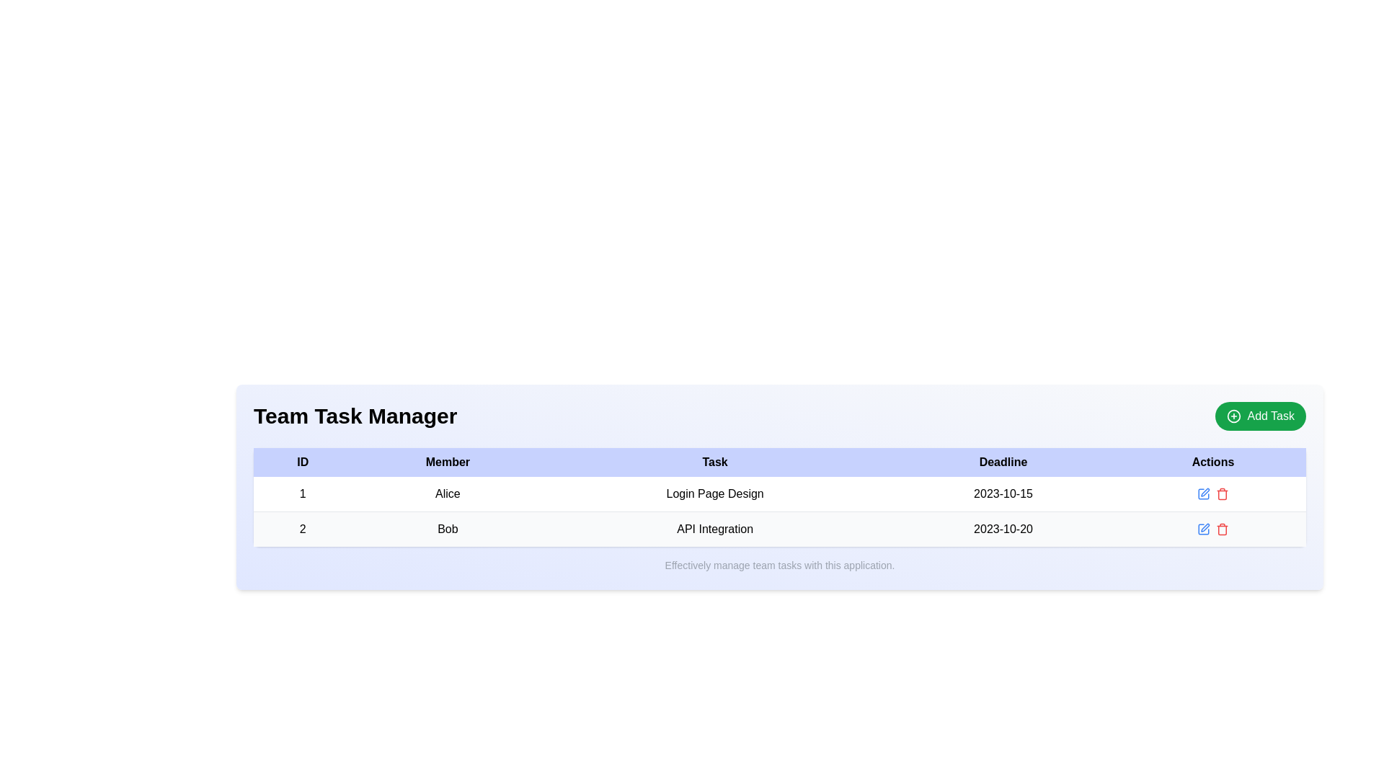  I want to click on the red trash icon, so click(1221, 494).